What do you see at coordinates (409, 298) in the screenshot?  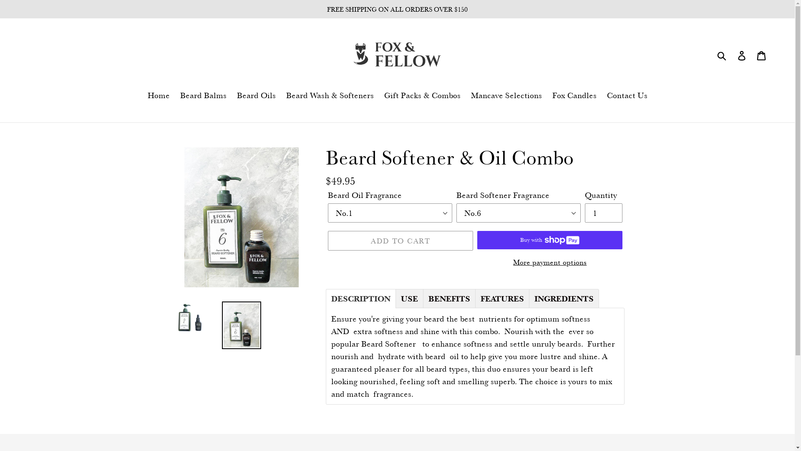 I see `'USE'` at bounding box center [409, 298].